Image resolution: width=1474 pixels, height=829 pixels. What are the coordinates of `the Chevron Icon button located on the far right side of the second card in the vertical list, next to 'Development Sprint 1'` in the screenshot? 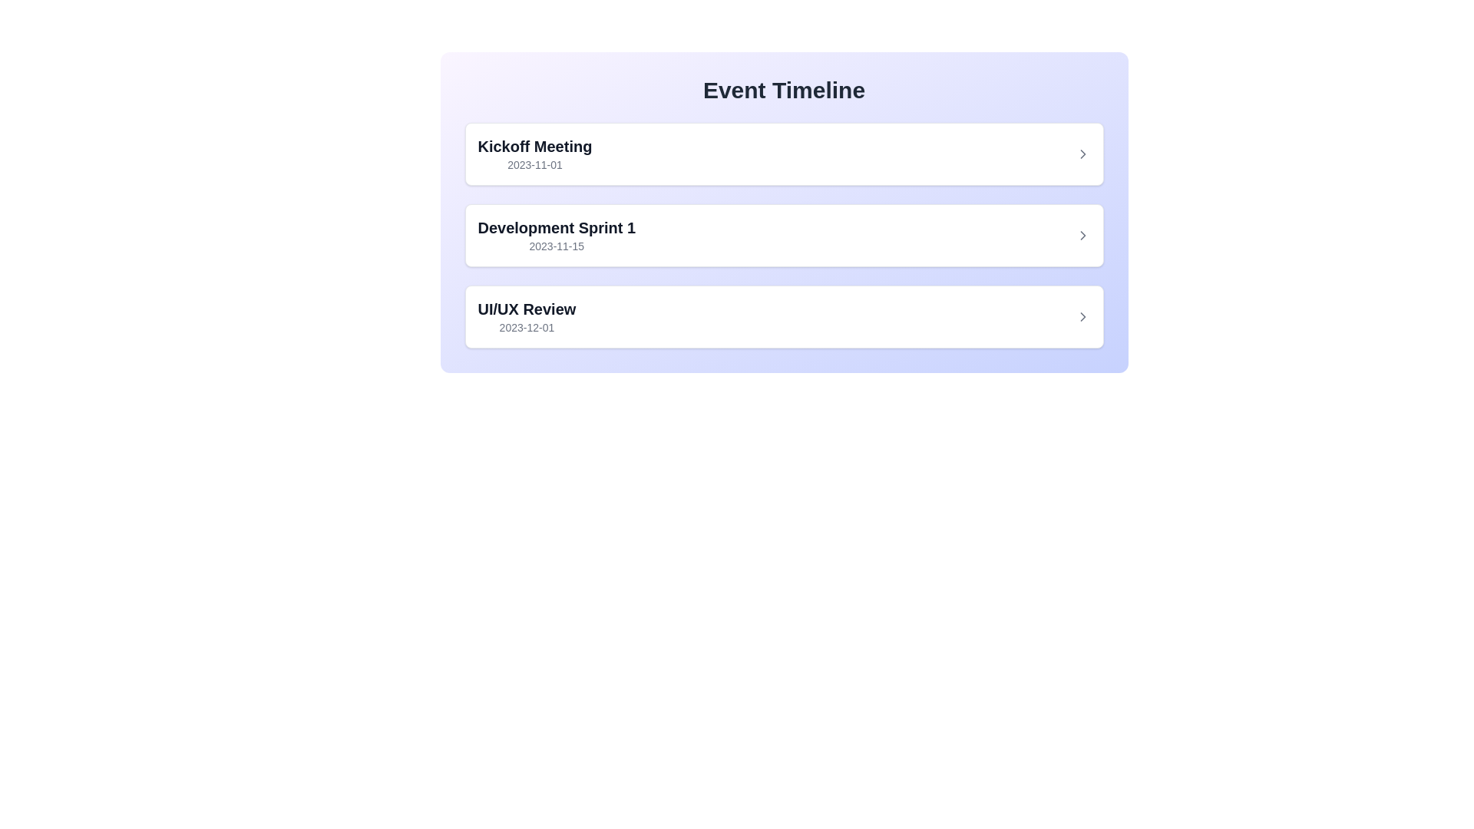 It's located at (1082, 236).